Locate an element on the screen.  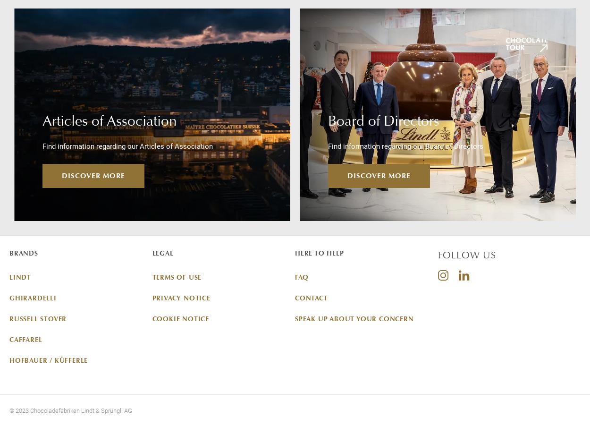
'HERE TO HELP' is located at coordinates (319, 253).